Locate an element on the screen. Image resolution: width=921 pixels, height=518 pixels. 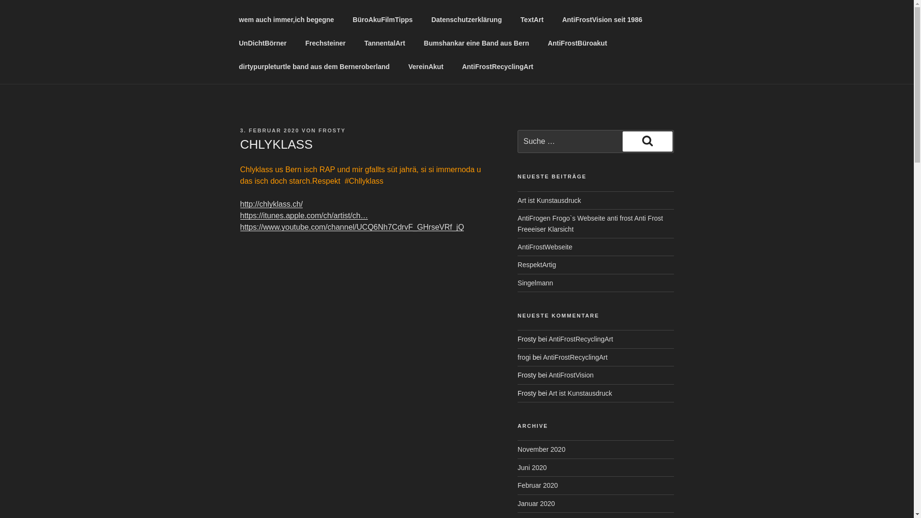
'Januar 2020' is located at coordinates (536, 503).